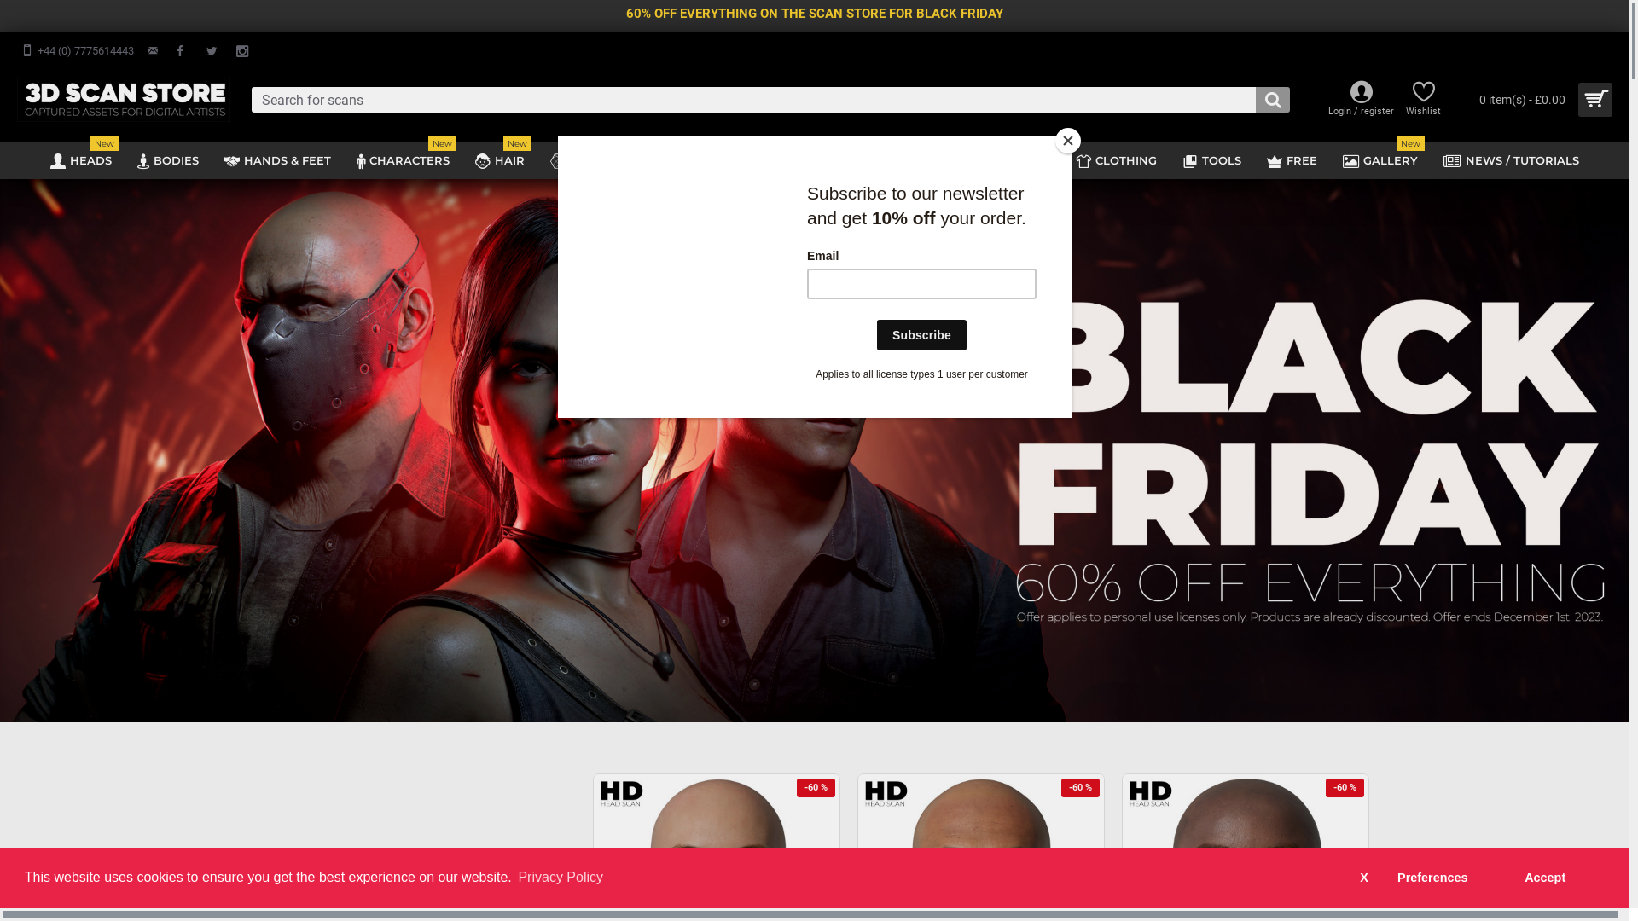 This screenshot has height=921, width=1638. What do you see at coordinates (1401, 100) in the screenshot?
I see `'Wishlist'` at bounding box center [1401, 100].